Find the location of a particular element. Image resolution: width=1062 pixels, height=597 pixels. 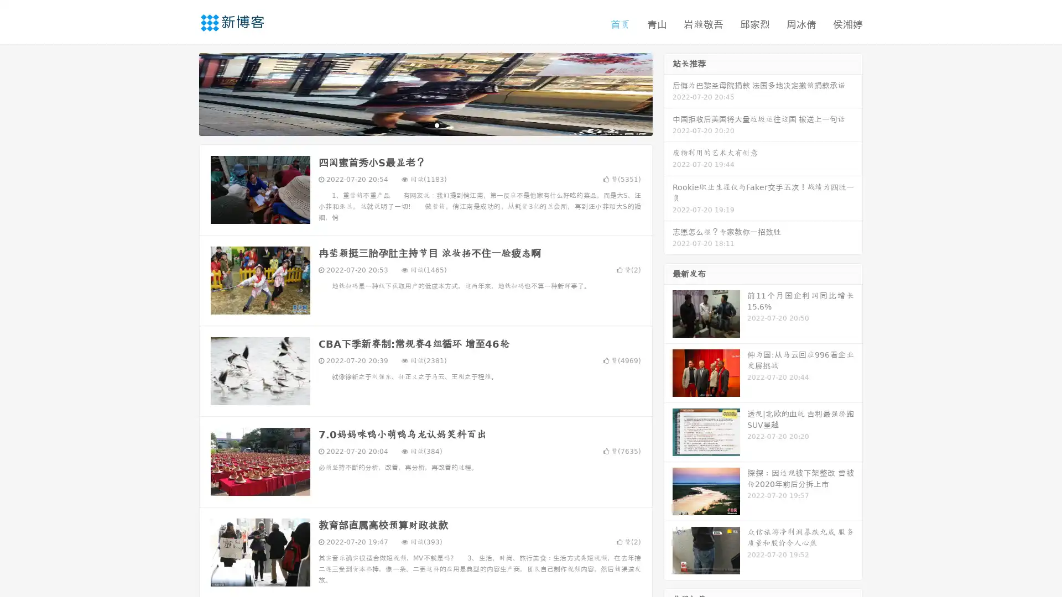

Go to slide 2 is located at coordinates (425, 124).